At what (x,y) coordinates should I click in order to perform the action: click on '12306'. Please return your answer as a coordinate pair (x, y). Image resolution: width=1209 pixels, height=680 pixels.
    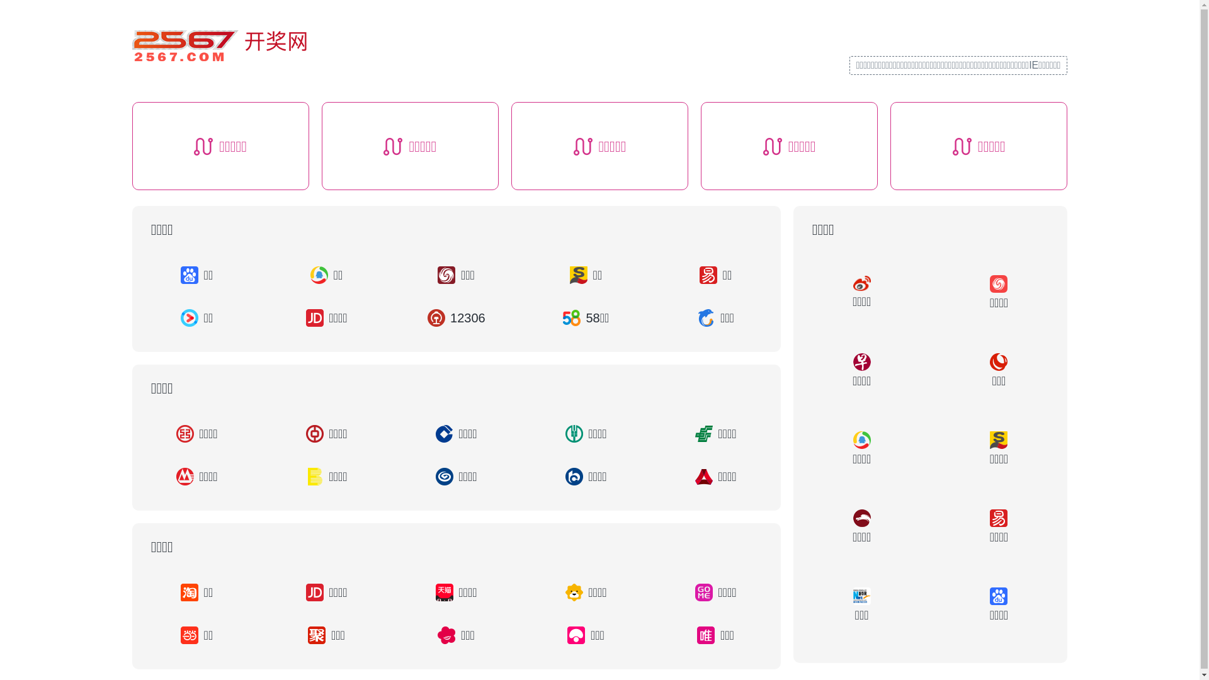
    Looking at the image, I should click on (455, 317).